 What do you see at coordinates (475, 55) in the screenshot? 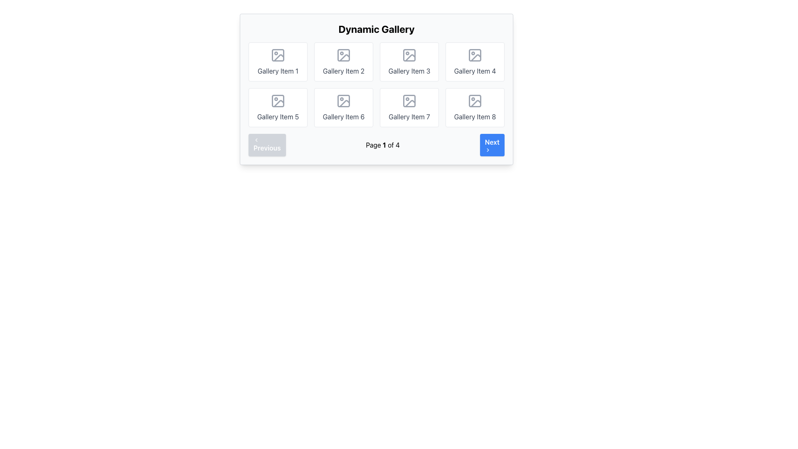
I see `the photograph icon with a mountain and sun motif located at the top-center of the 'Gallery Item 4' card in the gallery grid` at bounding box center [475, 55].